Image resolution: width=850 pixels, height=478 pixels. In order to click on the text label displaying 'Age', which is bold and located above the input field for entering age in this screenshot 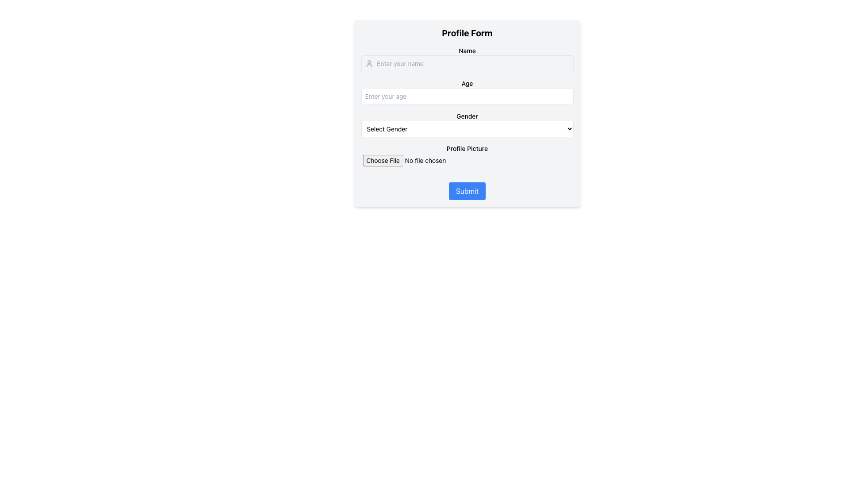, I will do `click(467, 84)`.